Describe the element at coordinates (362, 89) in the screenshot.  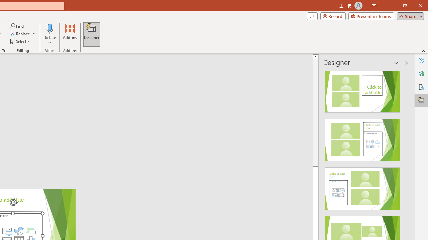
I see `'Recommended Design: Design Idea'` at that location.